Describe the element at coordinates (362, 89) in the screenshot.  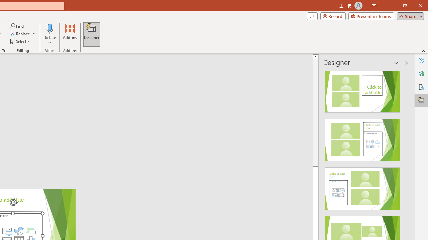
I see `'Recommended Design: Design Idea'` at that location.